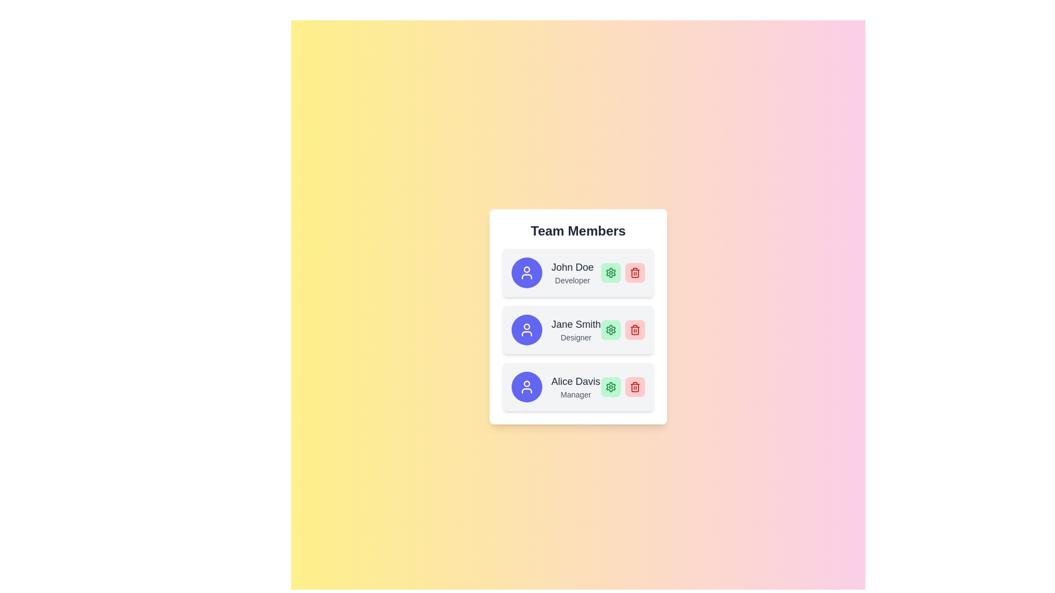 Image resolution: width=1055 pixels, height=593 pixels. Describe the element at coordinates (635, 272) in the screenshot. I see `the red rounded rectangular button with a trash can icon` at that location.